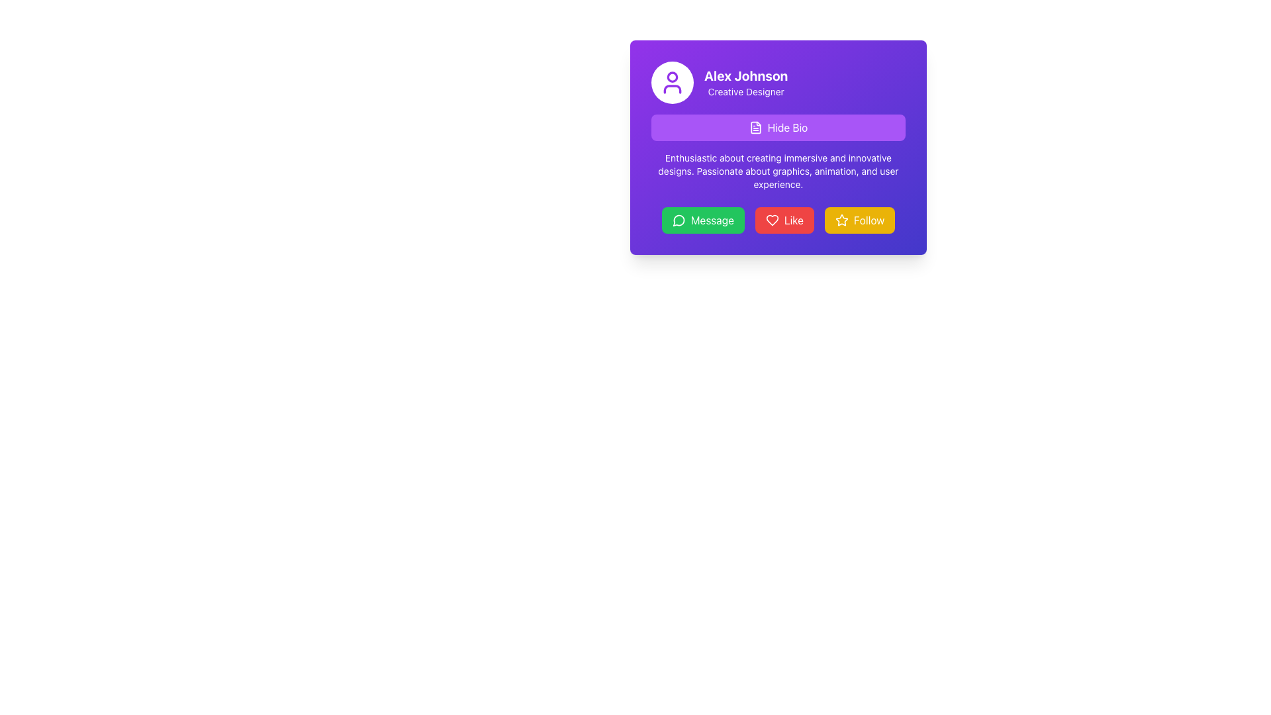 The image size is (1271, 715). What do you see at coordinates (869, 219) in the screenshot?
I see `the 'Follow' text within the bright yellow button located at the bottom-right corner of the purple profile card` at bounding box center [869, 219].